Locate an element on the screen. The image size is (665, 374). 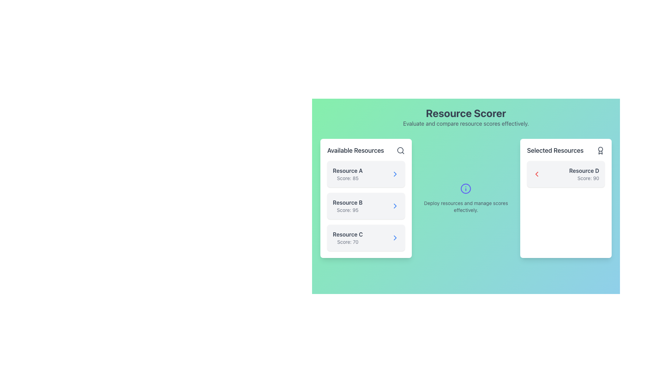
the Text Label that serves as a descriptive label for the resource, located at the top-left corner of the first item in a vertical list, above the 'Score: 85' label is located at coordinates (348, 171).